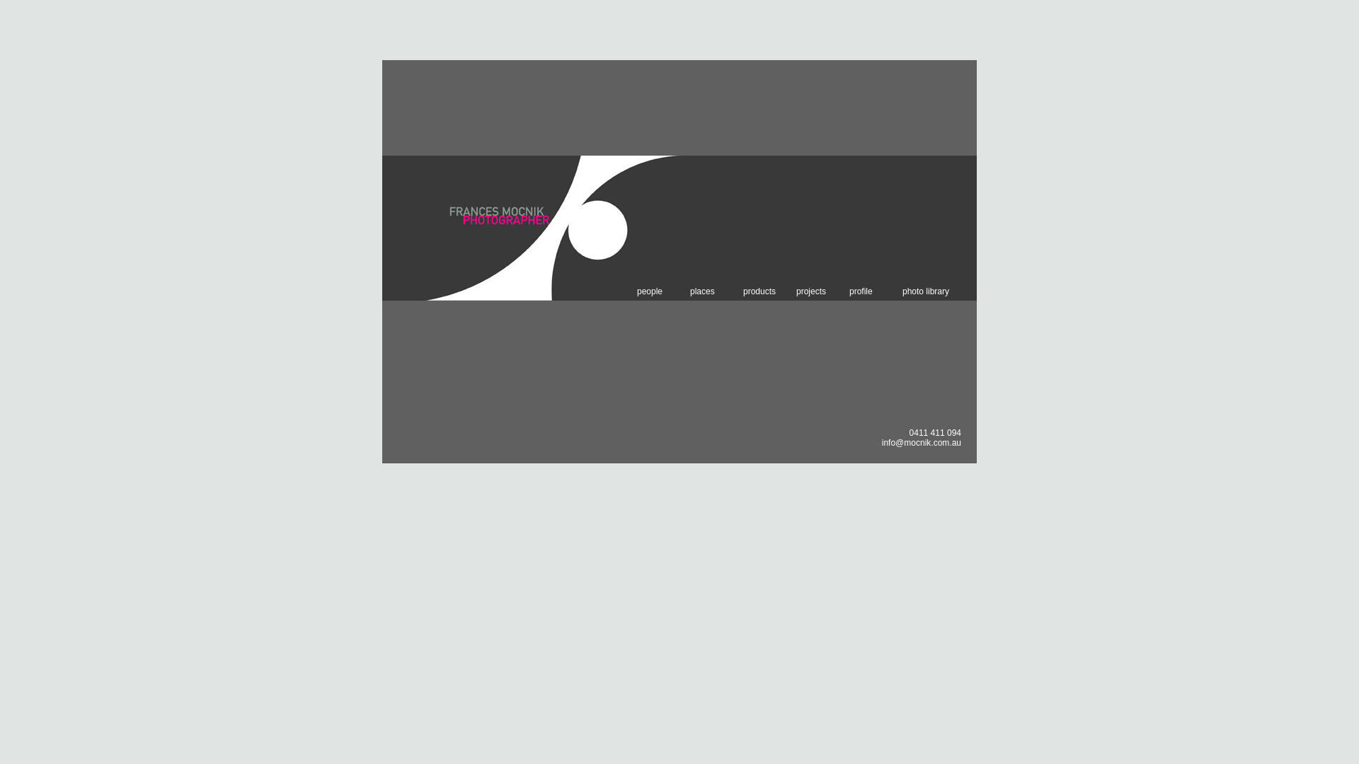 The image size is (1359, 764). What do you see at coordinates (822, 291) in the screenshot?
I see `'projects'` at bounding box center [822, 291].